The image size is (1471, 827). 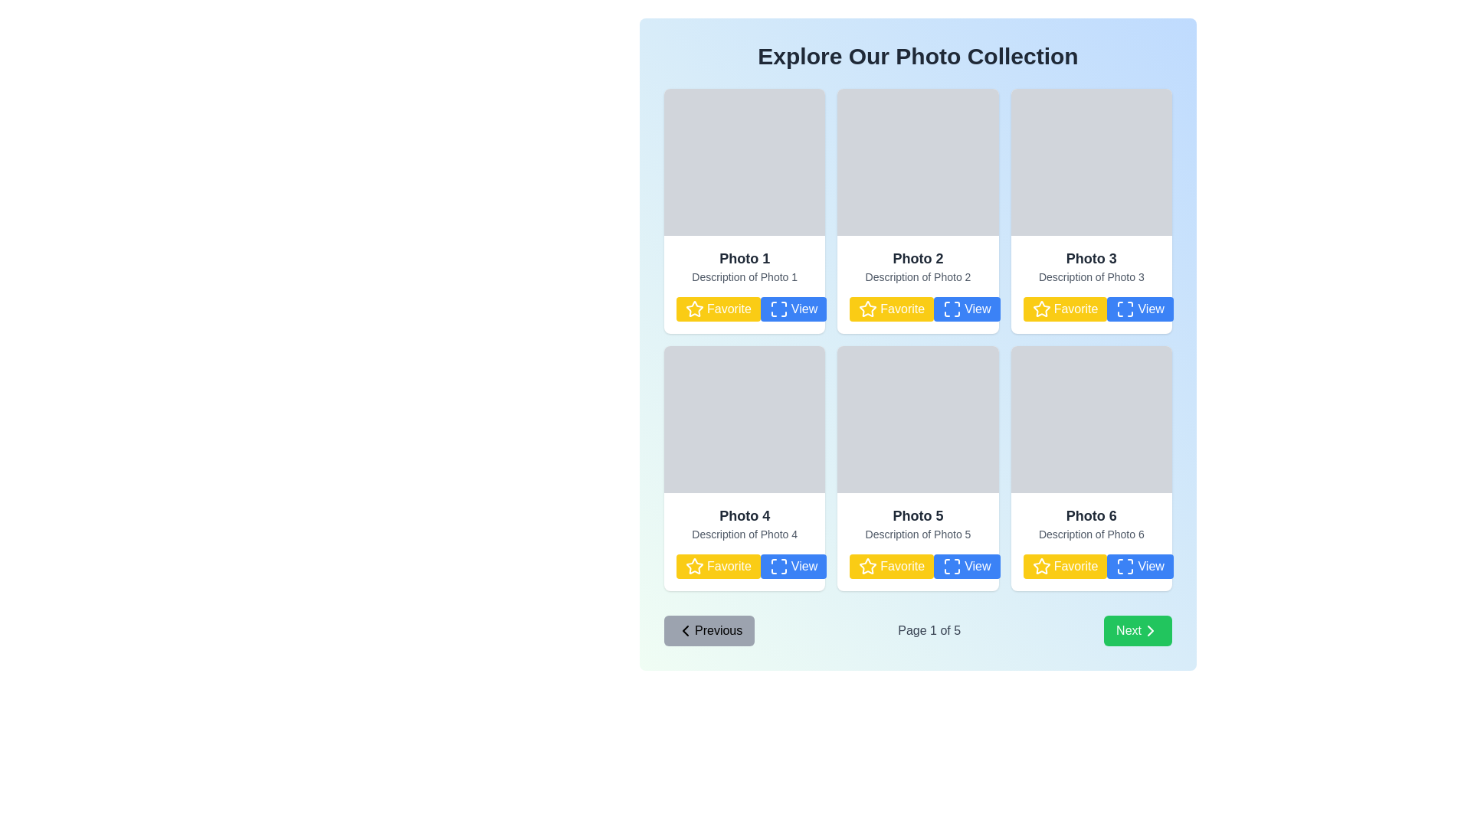 What do you see at coordinates (1041, 309) in the screenshot?
I see `the yellow star icon located in the third card of the grid layout to mark the item as favorite` at bounding box center [1041, 309].